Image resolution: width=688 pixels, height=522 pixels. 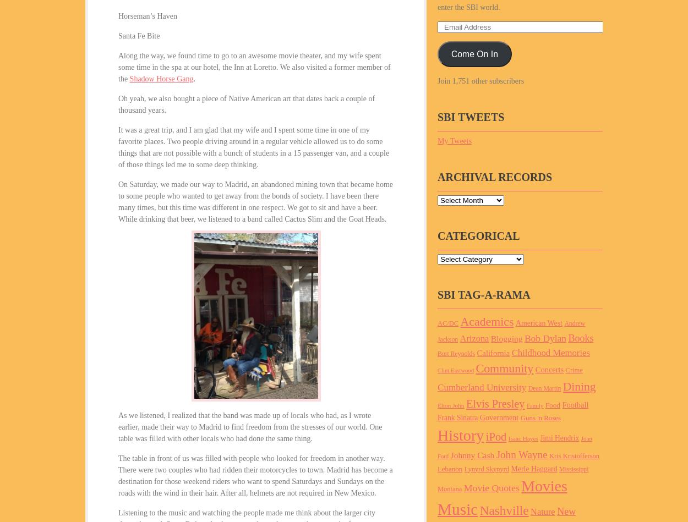 I want to click on 'Montana', so click(x=438, y=488).